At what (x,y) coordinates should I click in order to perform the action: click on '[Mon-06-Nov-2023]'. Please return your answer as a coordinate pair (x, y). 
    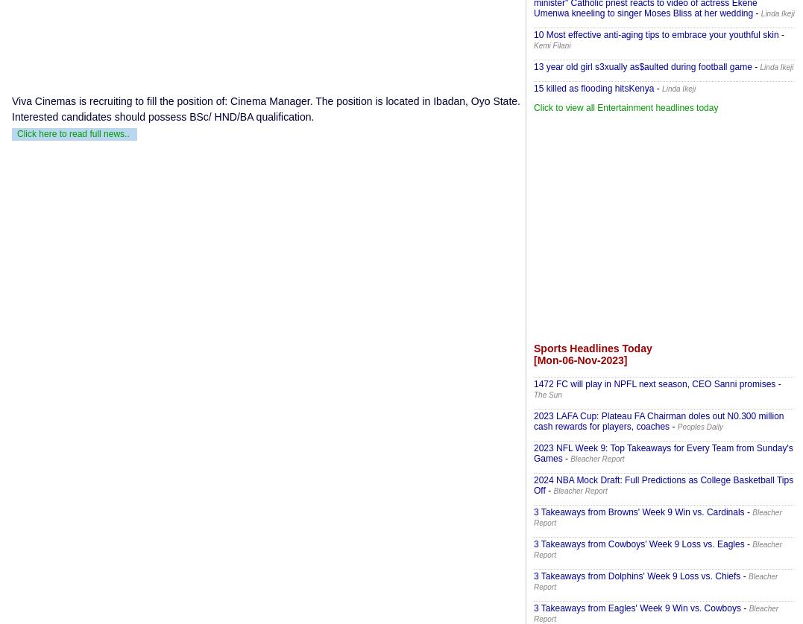
    Looking at the image, I should click on (579, 360).